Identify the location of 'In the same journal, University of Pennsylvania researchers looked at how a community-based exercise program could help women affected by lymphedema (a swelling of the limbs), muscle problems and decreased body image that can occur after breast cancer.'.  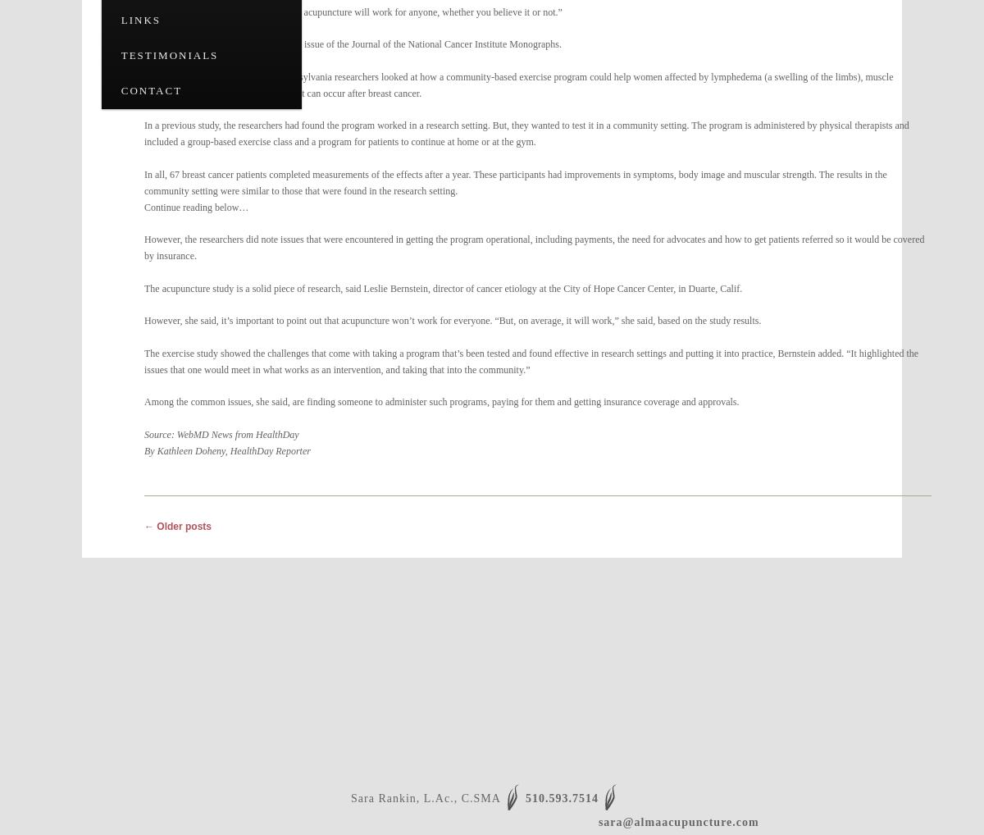
(143, 84).